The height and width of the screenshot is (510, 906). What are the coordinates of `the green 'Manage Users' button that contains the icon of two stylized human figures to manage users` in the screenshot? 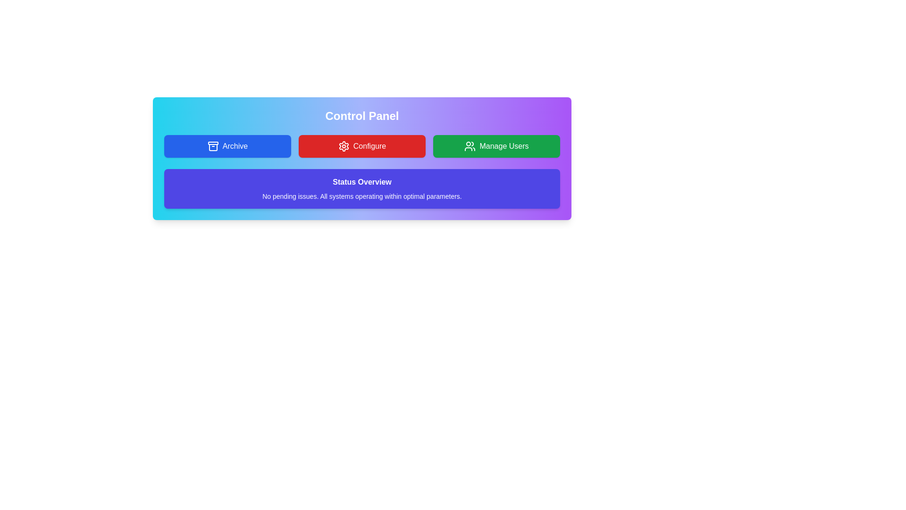 It's located at (470, 146).